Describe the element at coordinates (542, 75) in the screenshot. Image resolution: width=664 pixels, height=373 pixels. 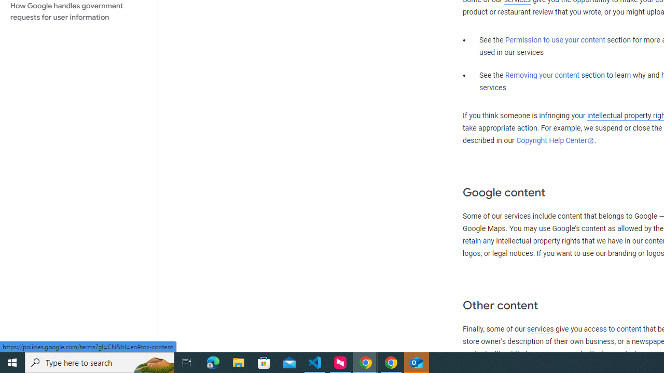
I see `'Removing your content'` at that location.